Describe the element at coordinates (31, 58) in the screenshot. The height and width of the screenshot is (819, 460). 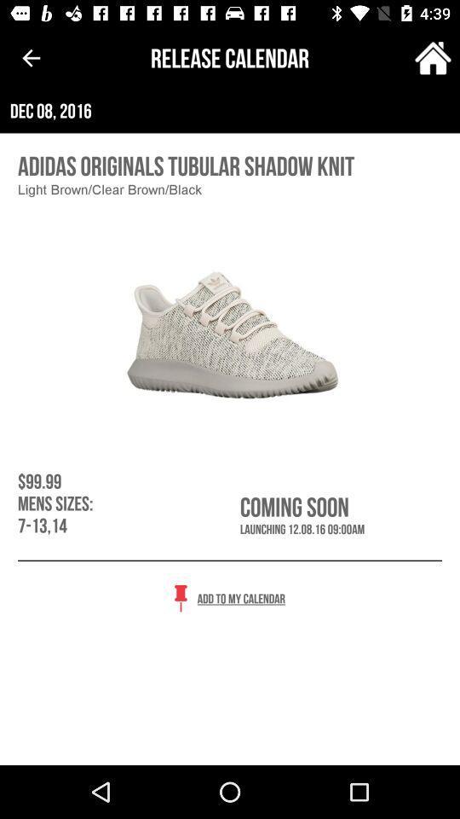
I see `the item above dec 08, 2016 icon` at that location.